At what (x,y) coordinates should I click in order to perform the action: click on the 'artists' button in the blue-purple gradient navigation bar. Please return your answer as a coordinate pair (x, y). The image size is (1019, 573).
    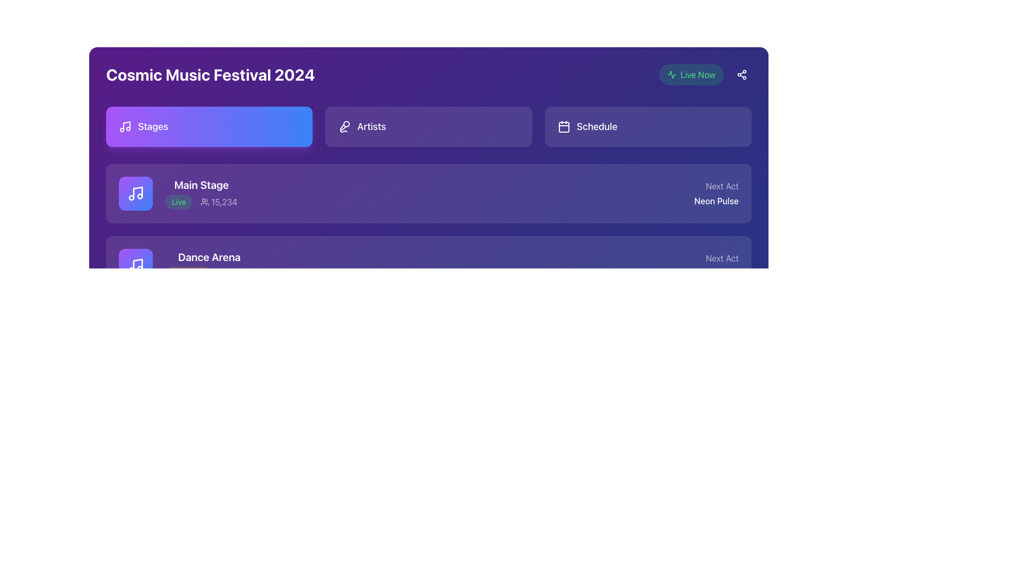
    Looking at the image, I should click on (428, 126).